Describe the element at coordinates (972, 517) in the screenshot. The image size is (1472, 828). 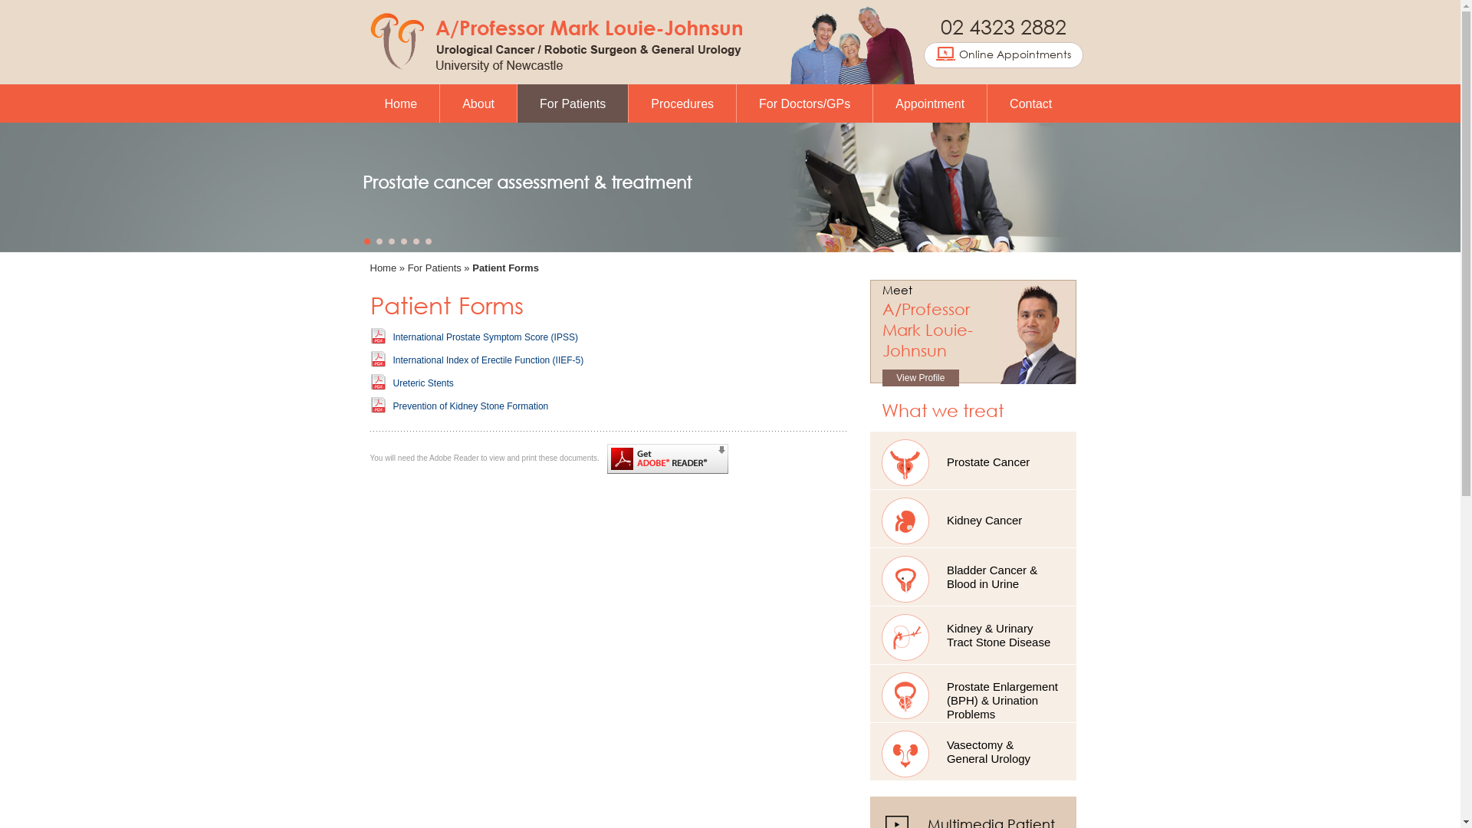
I see `'Kidney Cancer'` at that location.